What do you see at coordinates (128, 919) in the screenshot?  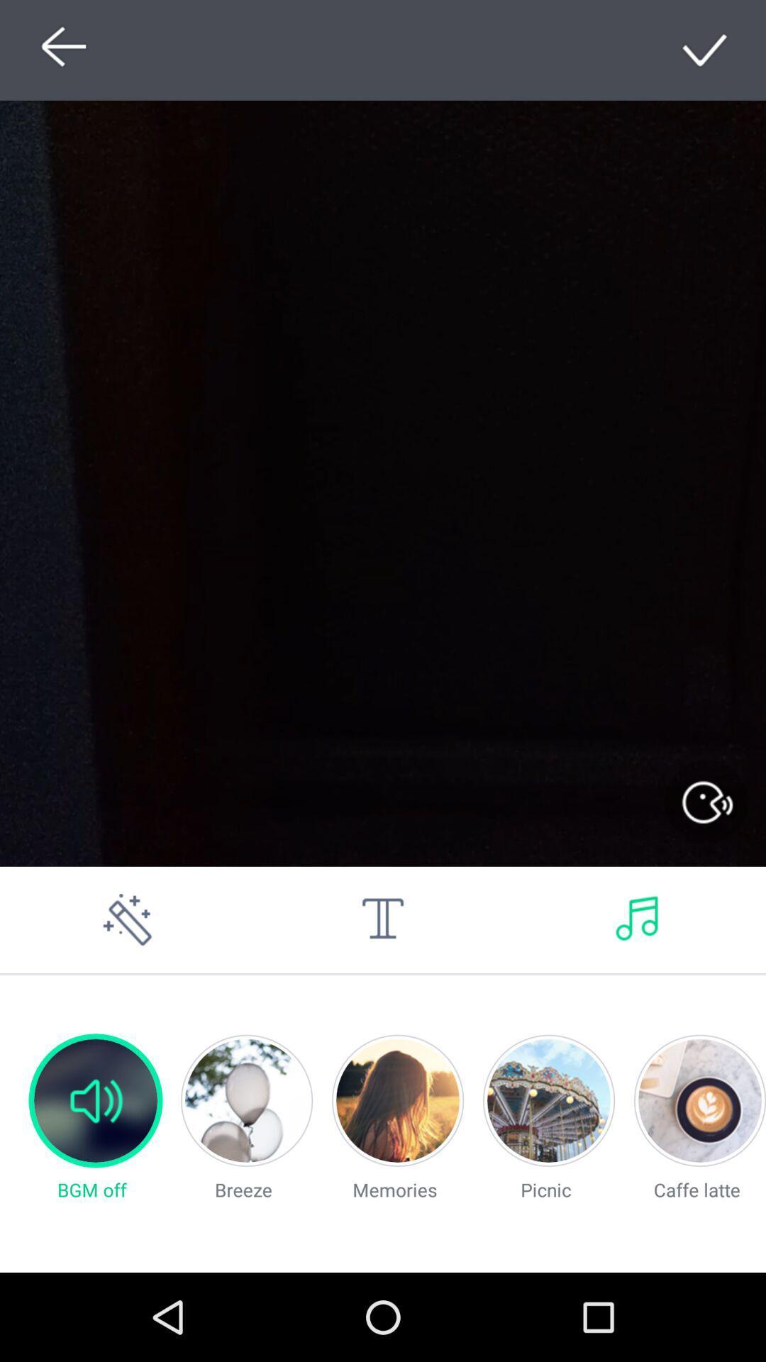 I see `edit photo` at bounding box center [128, 919].